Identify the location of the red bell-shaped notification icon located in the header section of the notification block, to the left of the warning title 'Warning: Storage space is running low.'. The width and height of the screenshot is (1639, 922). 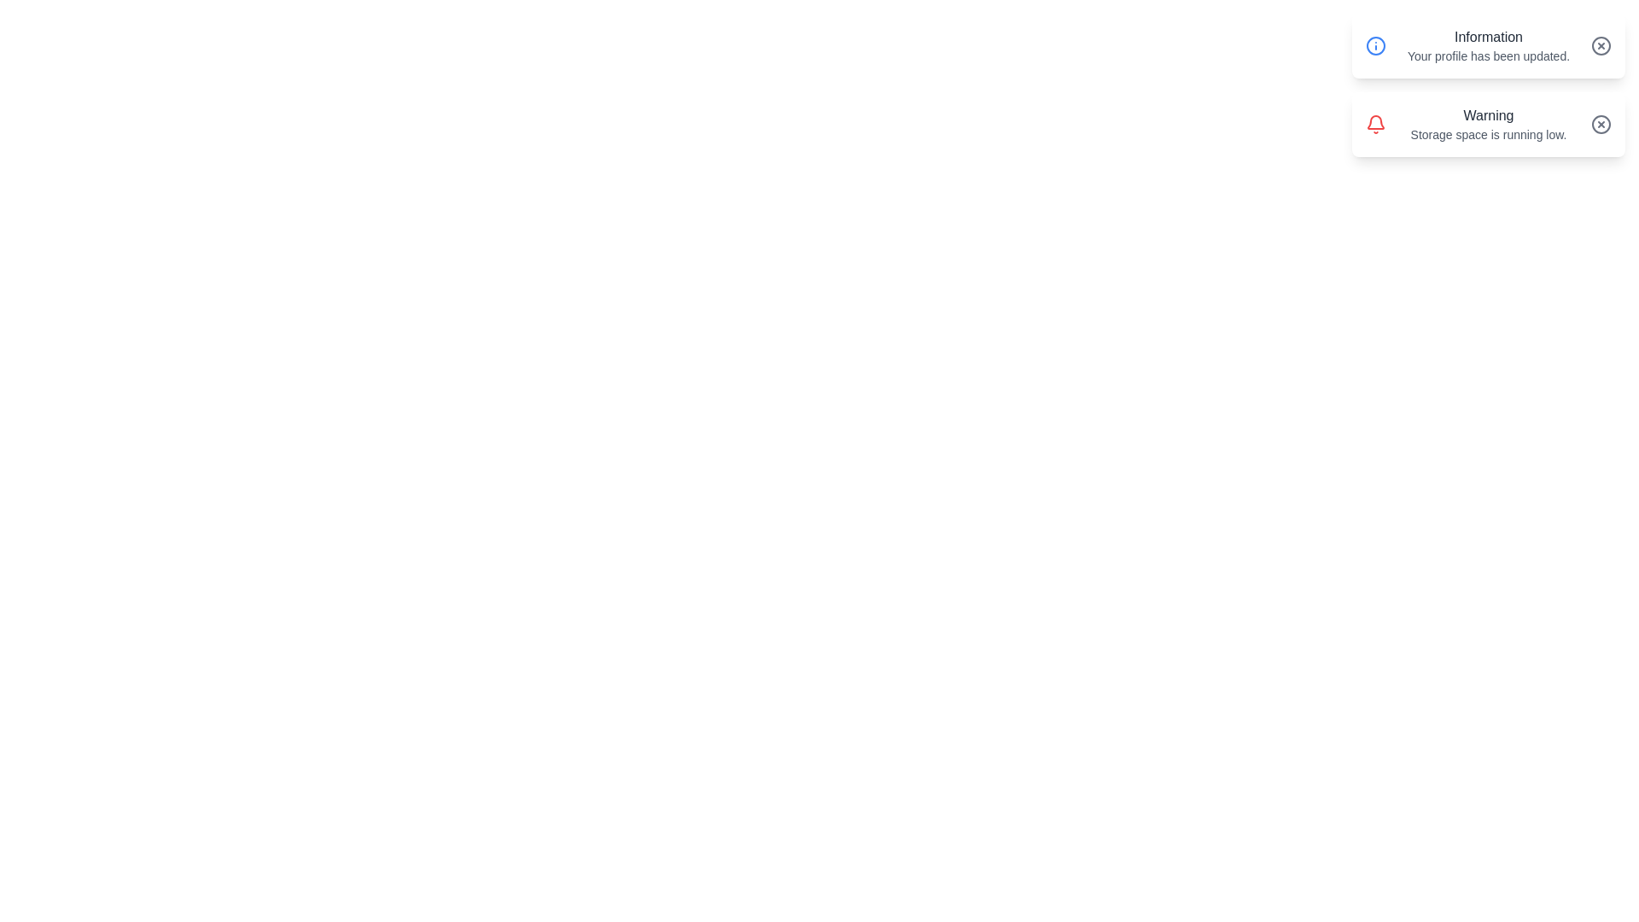
(1376, 121).